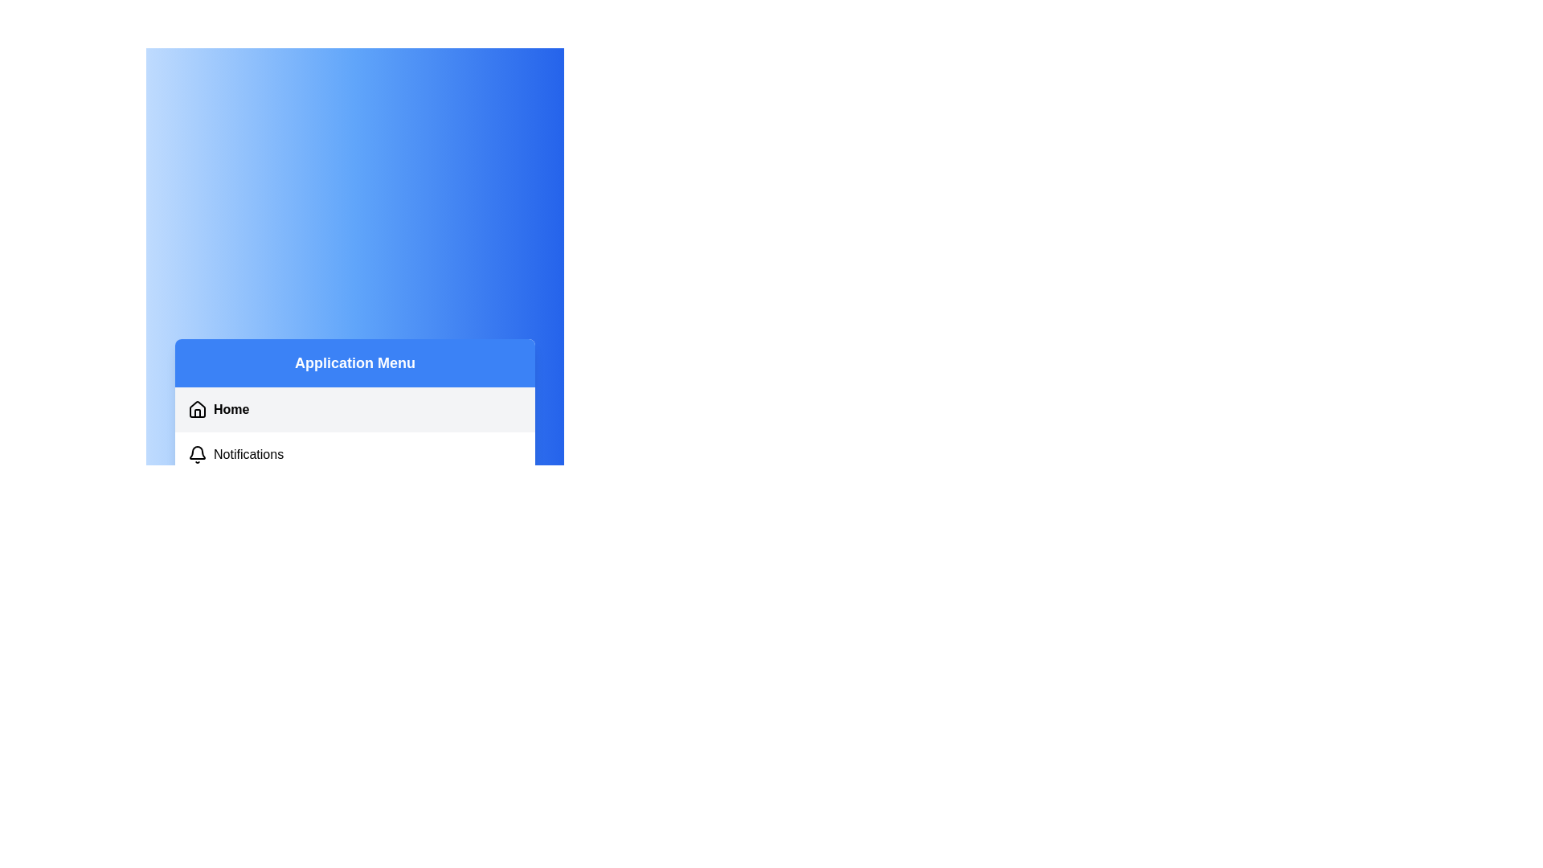 The image size is (1543, 868). What do you see at coordinates (354, 362) in the screenshot?
I see `the text 'Application Menu' in the header to select it` at bounding box center [354, 362].